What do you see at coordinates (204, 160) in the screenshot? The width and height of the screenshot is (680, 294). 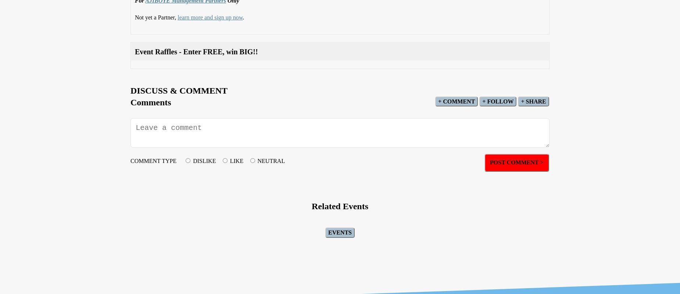 I see `'DISLIKE'` at bounding box center [204, 160].